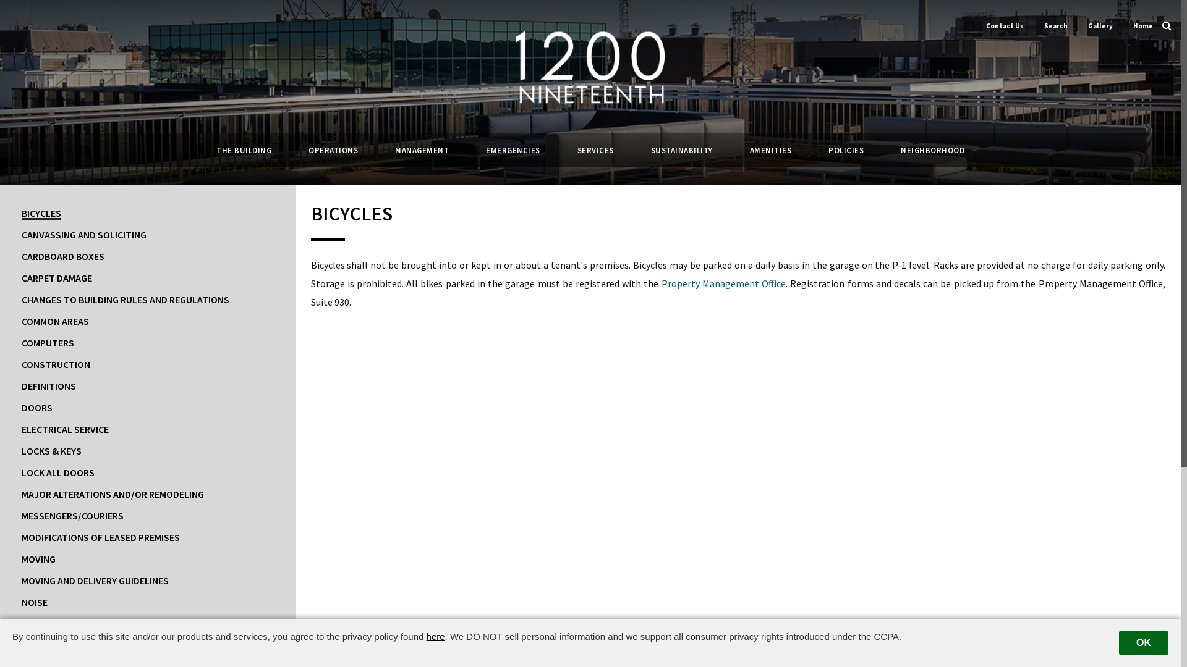  Describe the element at coordinates (1055, 26) in the screenshot. I see `'Search'` at that location.